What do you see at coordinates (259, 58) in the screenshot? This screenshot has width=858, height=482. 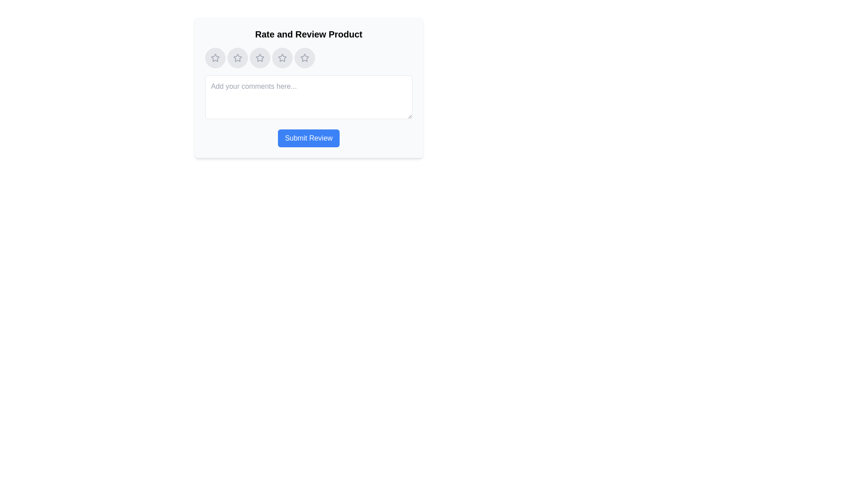 I see `the second star in the rating component` at bounding box center [259, 58].